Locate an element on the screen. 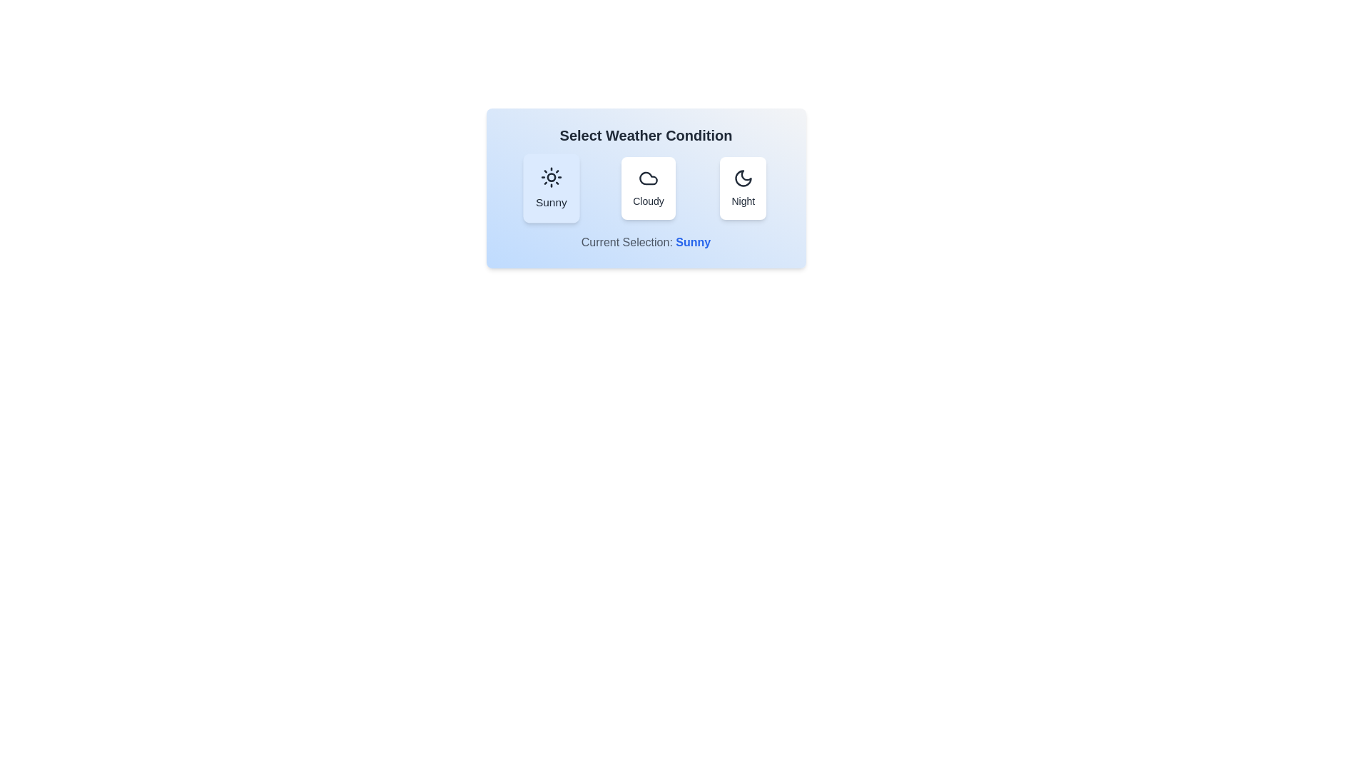  the weather condition by clicking on the respective icon: Night is located at coordinates (742, 187).